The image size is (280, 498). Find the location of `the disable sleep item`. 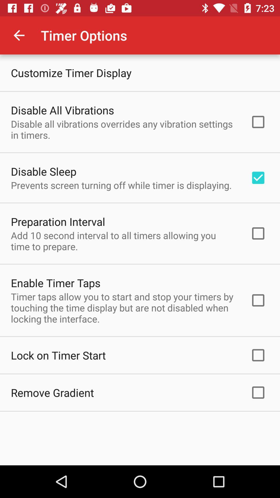

the disable sleep item is located at coordinates (43, 171).